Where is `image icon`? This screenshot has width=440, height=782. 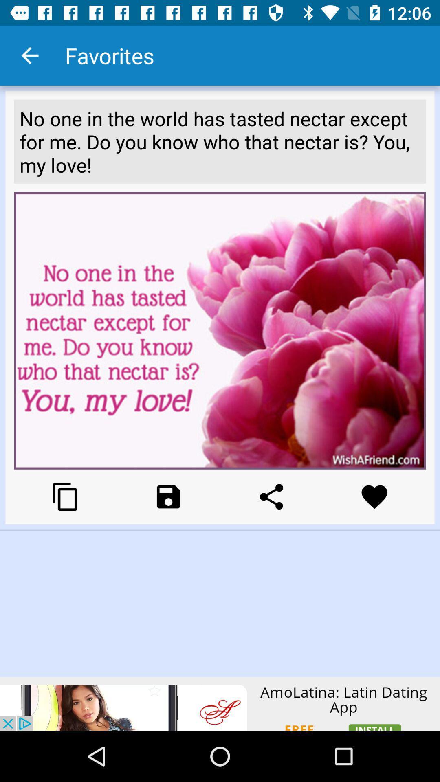
image icon is located at coordinates (168, 496).